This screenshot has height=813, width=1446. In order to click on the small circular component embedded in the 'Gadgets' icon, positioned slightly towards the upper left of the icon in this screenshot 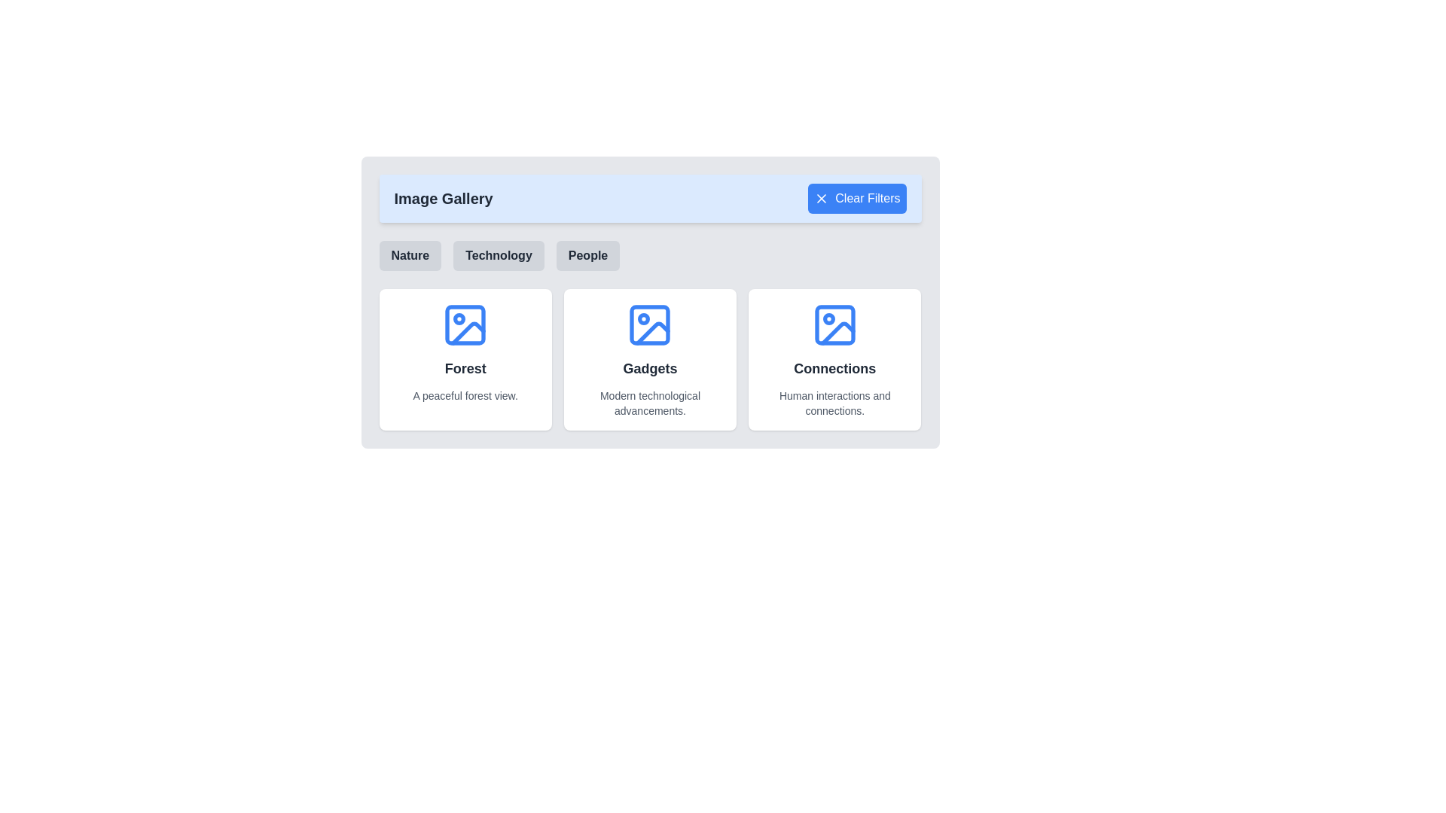, I will do `click(644, 318)`.